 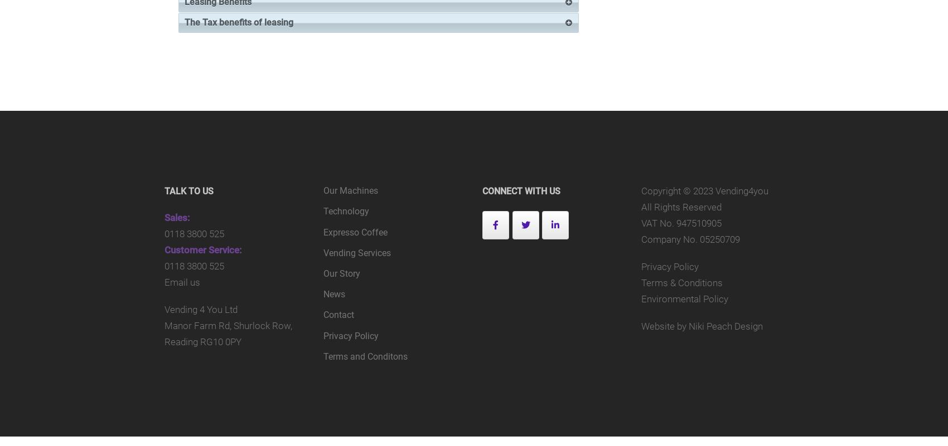 I want to click on 'Manor Farm Rd, Shurlock Row,', so click(x=228, y=325).